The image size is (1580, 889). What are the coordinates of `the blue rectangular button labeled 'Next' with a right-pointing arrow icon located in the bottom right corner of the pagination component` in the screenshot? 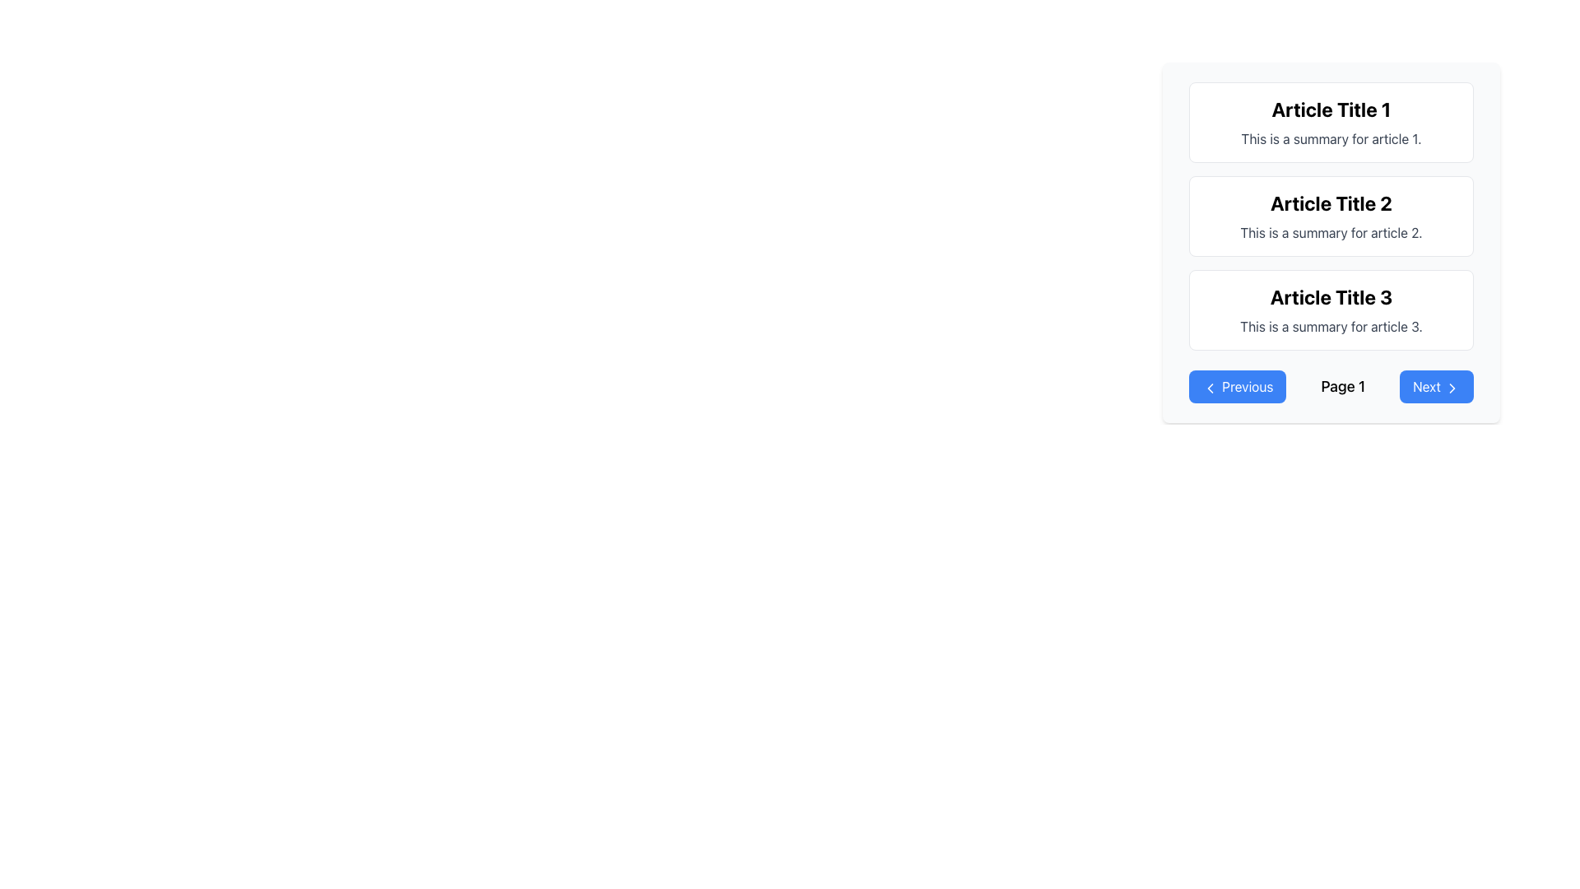 It's located at (1436, 387).